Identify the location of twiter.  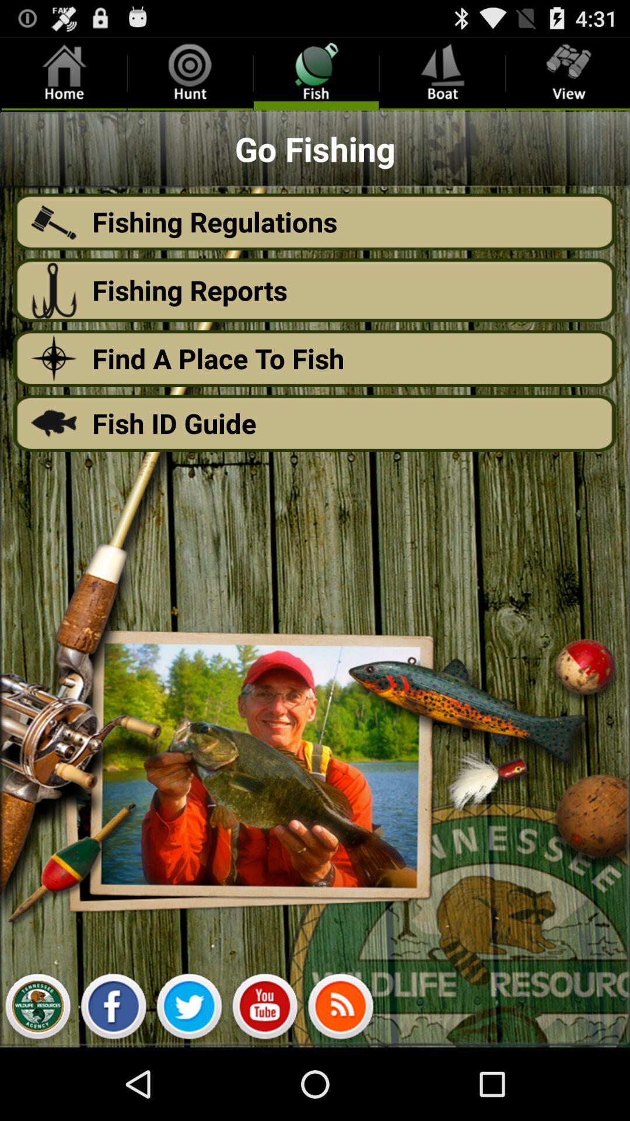
(188, 1009).